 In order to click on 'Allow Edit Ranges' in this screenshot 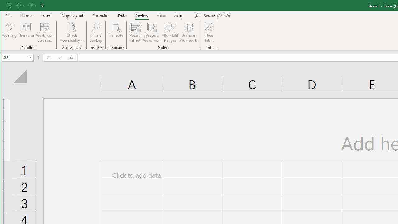, I will do `click(170, 32)`.